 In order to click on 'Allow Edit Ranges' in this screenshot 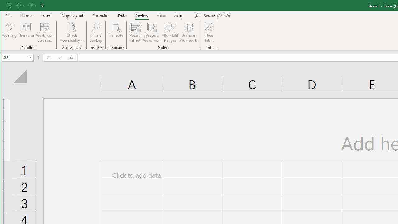, I will do `click(170, 32)`.